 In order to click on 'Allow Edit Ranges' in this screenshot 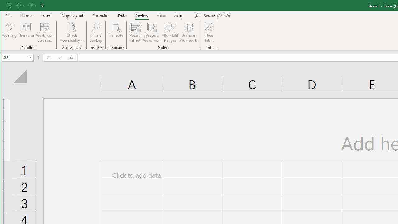, I will do `click(170, 32)`.